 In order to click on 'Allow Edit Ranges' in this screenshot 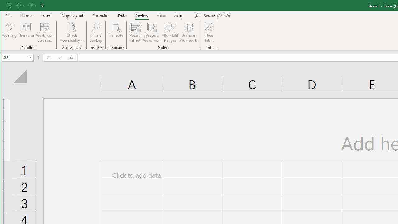, I will do `click(170, 32)`.